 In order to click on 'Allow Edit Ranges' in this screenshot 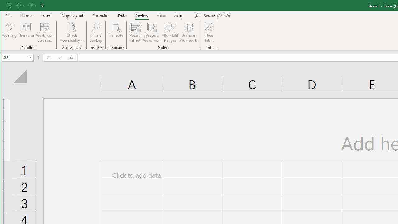, I will do `click(170, 32)`.